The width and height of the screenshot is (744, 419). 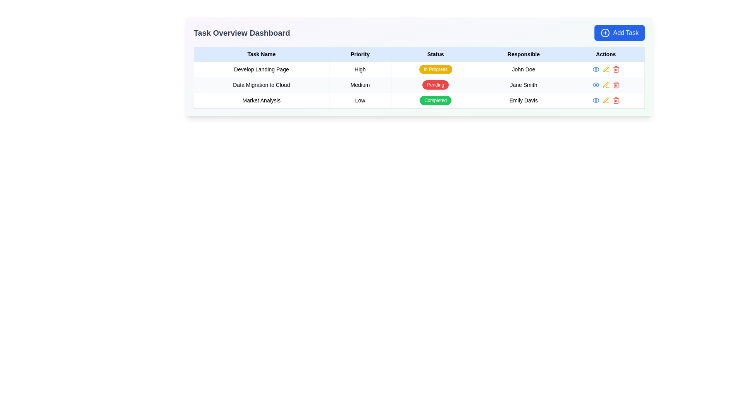 What do you see at coordinates (436, 100) in the screenshot?
I see `the 'Completed' status badge located in the 'Status' column of the third row corresponding to the task 'Market Analysis'` at bounding box center [436, 100].